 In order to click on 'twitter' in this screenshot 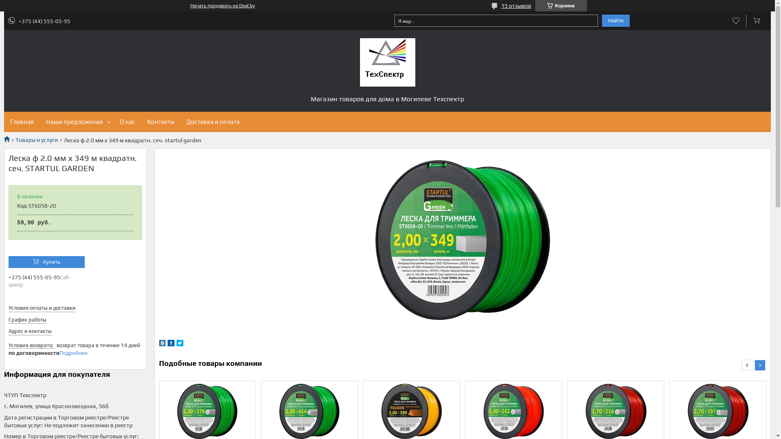, I will do `click(179, 344)`.